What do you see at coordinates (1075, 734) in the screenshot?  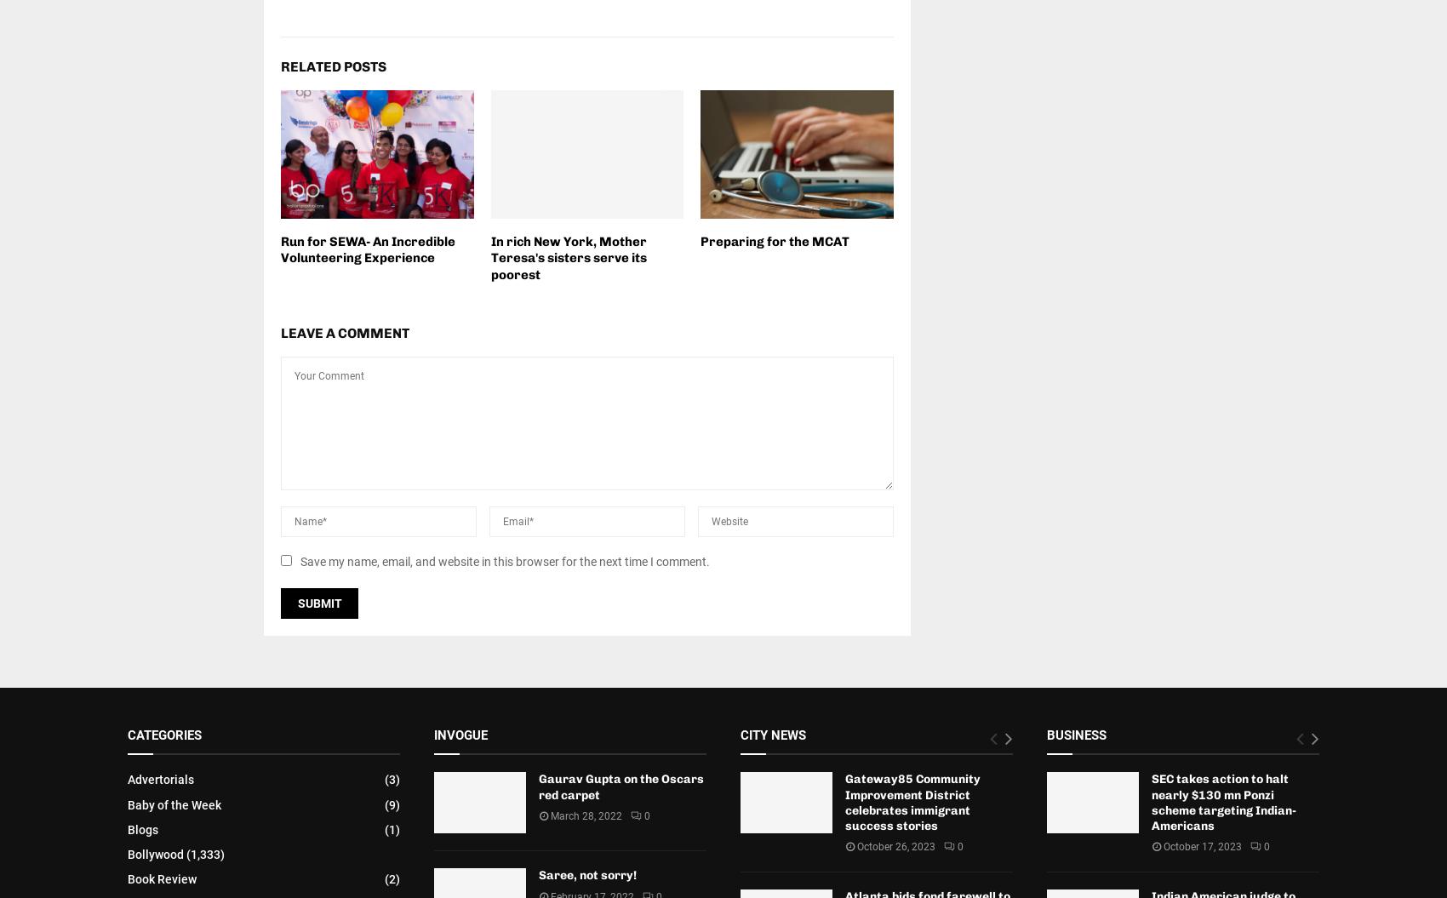 I see `'Business'` at bounding box center [1075, 734].